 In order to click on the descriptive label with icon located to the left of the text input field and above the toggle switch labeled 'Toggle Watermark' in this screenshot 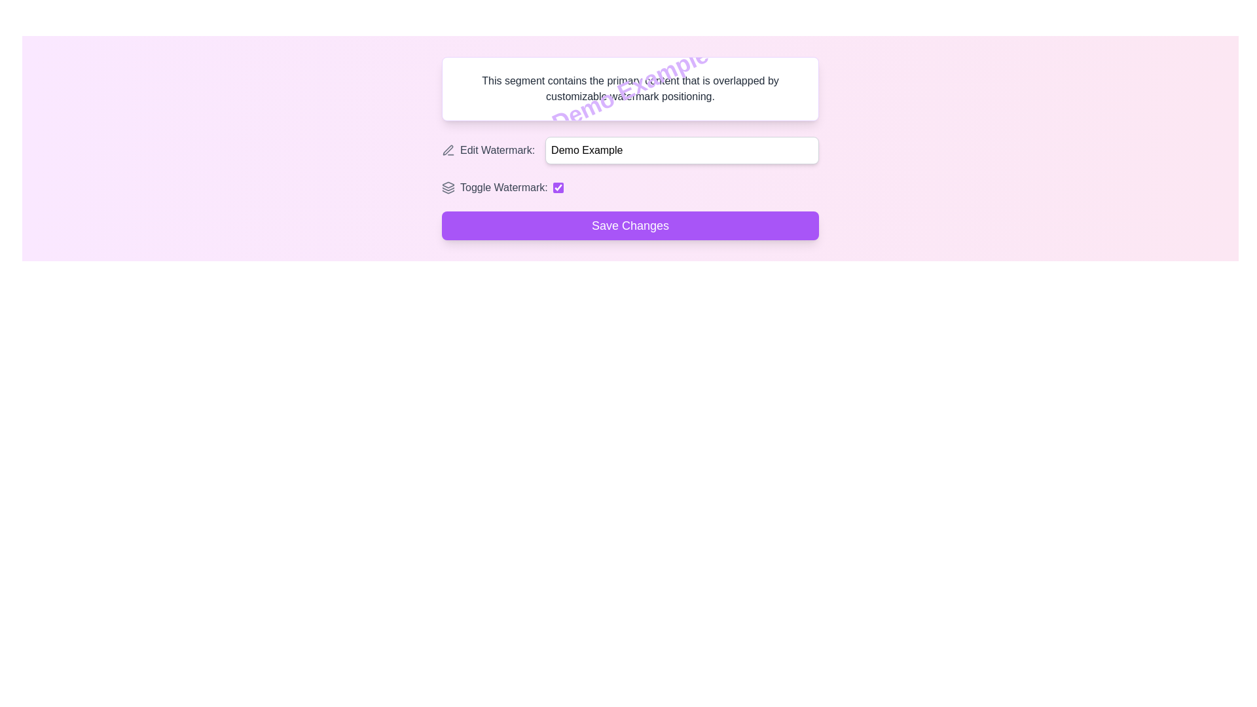, I will do `click(488, 150)`.